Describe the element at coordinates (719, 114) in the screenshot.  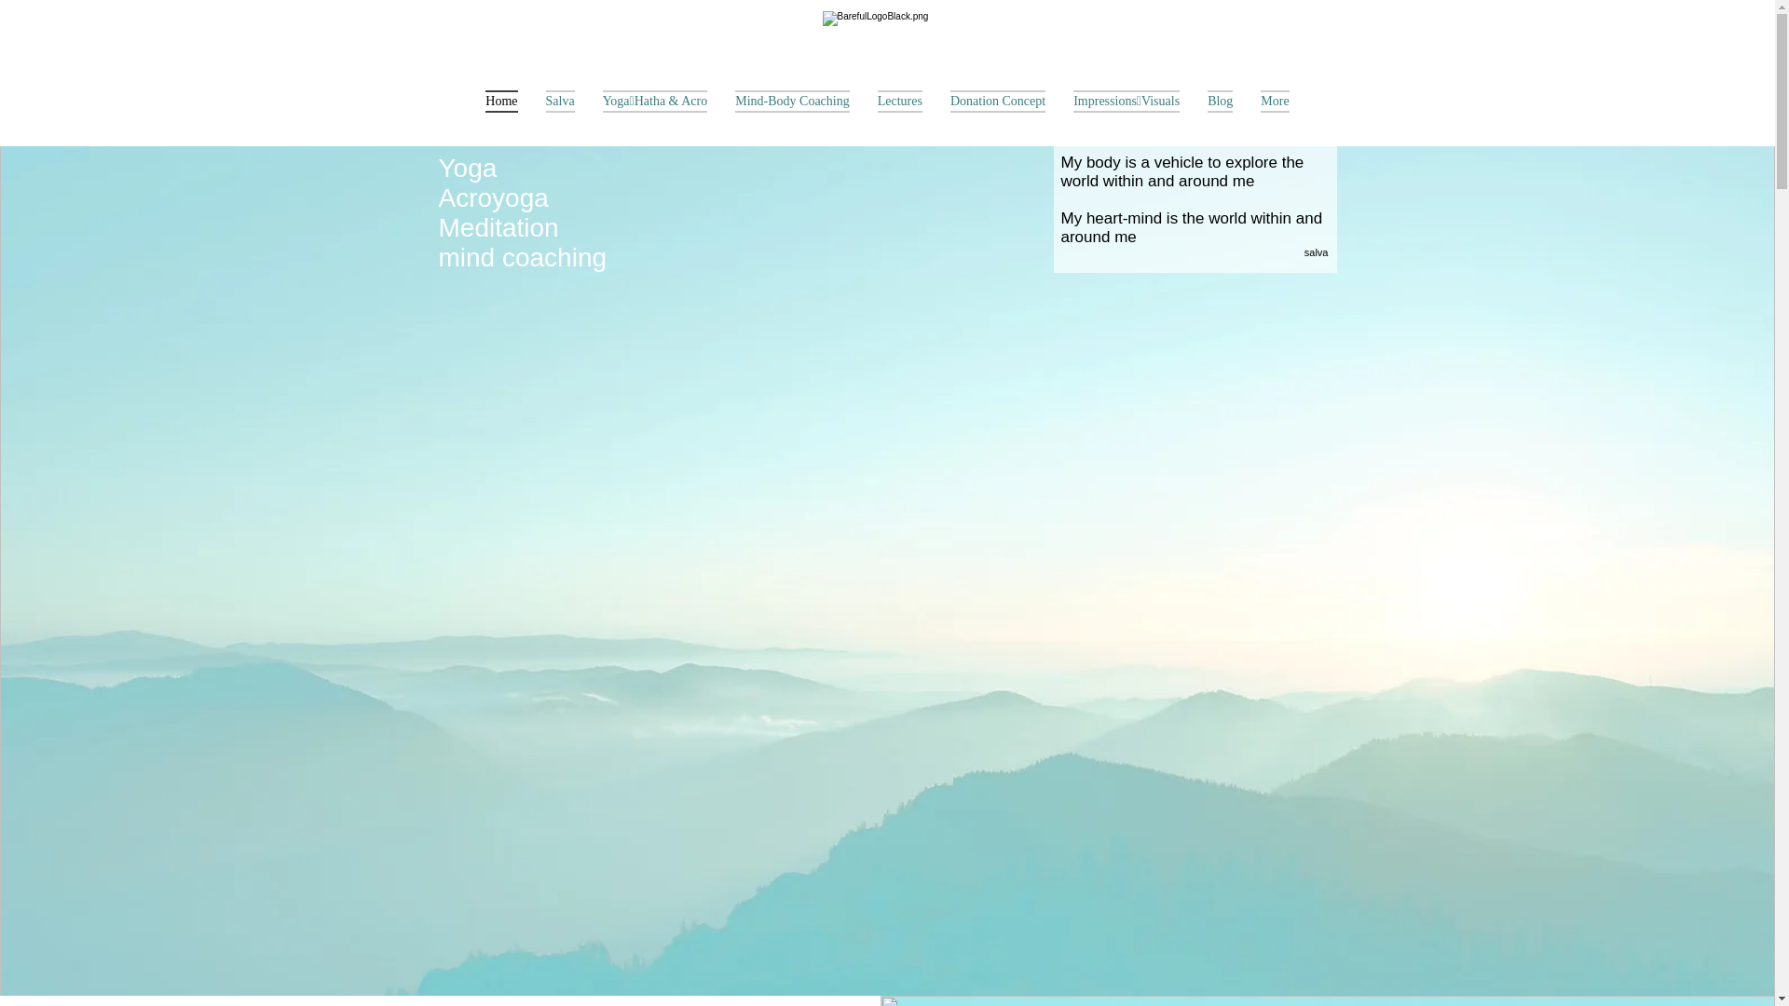
I see `'Mind-Body Coaching'` at that location.